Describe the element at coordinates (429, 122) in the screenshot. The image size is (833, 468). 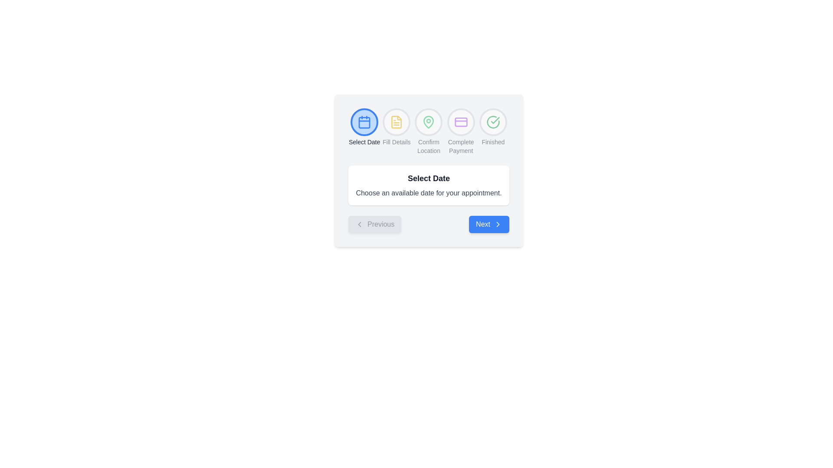
I see `the third pin-shaped icon with a green outline and fill, which indicates a step in the navigation bar located between 'Fill Details' and 'Complete Payment'` at that location.